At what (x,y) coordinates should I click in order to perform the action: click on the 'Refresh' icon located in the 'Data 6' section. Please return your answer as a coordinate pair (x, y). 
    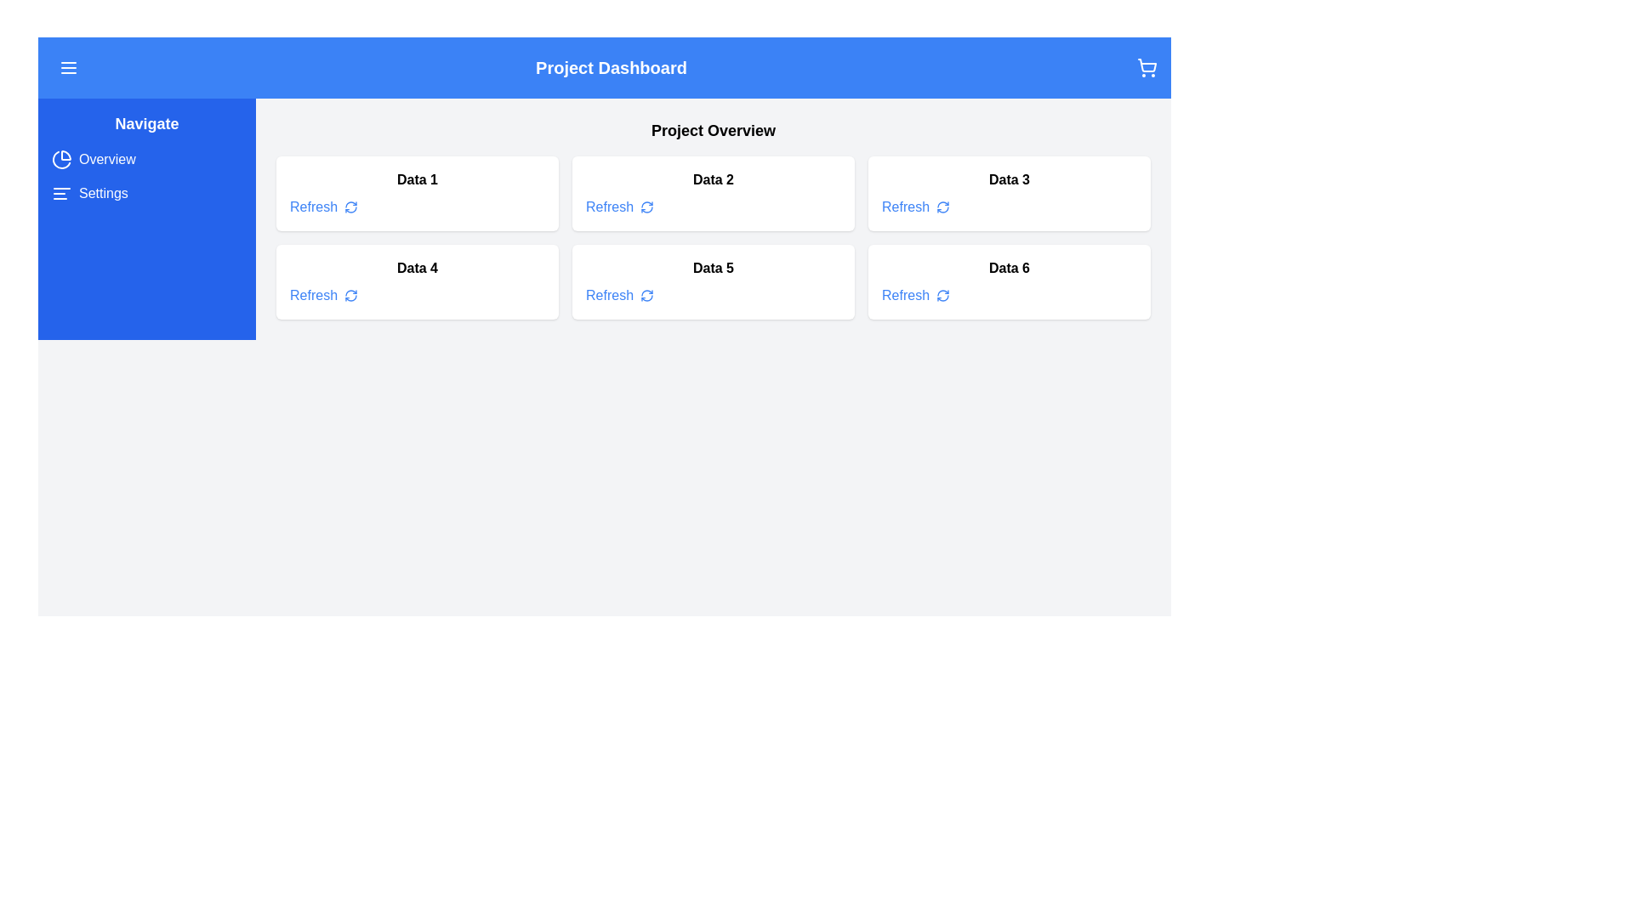
    Looking at the image, I should click on (942, 294).